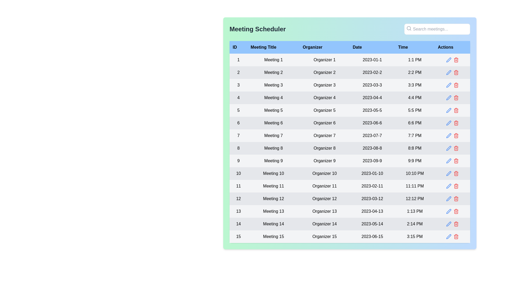 The height and width of the screenshot is (284, 506). Describe the element at coordinates (448, 211) in the screenshot. I see `the interactive icon in the Actions column of the data table corresponding to 'Meeting 13' to change its color` at that location.